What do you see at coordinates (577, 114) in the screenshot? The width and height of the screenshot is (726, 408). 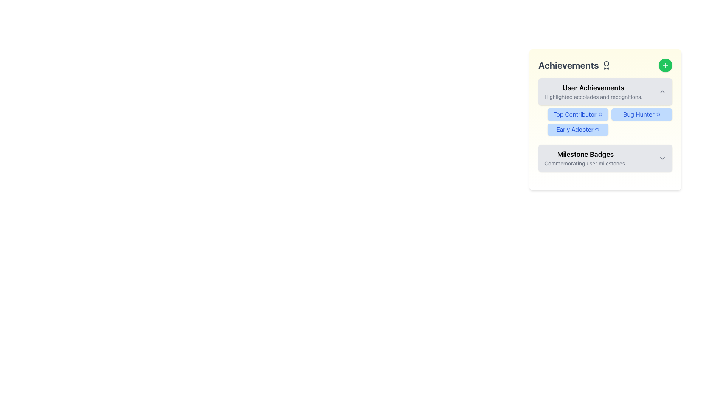 I see `the Decorative Badge that has a light blue background, rounded corners, and contains the text 'Top Contributor' with a blue star icon, located in the 'User Achievements' section of the 'Achievements' panel` at bounding box center [577, 114].